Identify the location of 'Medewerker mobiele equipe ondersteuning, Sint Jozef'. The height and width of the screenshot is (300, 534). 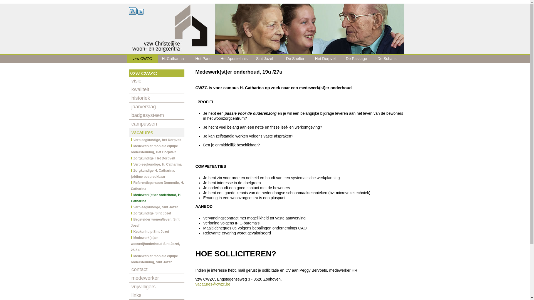
(156, 259).